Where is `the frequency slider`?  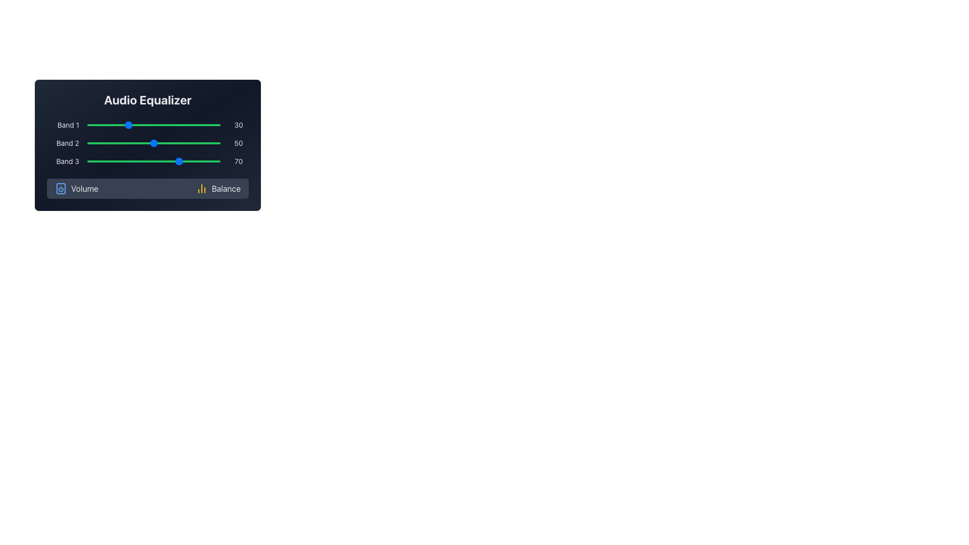 the frequency slider is located at coordinates (153, 143).